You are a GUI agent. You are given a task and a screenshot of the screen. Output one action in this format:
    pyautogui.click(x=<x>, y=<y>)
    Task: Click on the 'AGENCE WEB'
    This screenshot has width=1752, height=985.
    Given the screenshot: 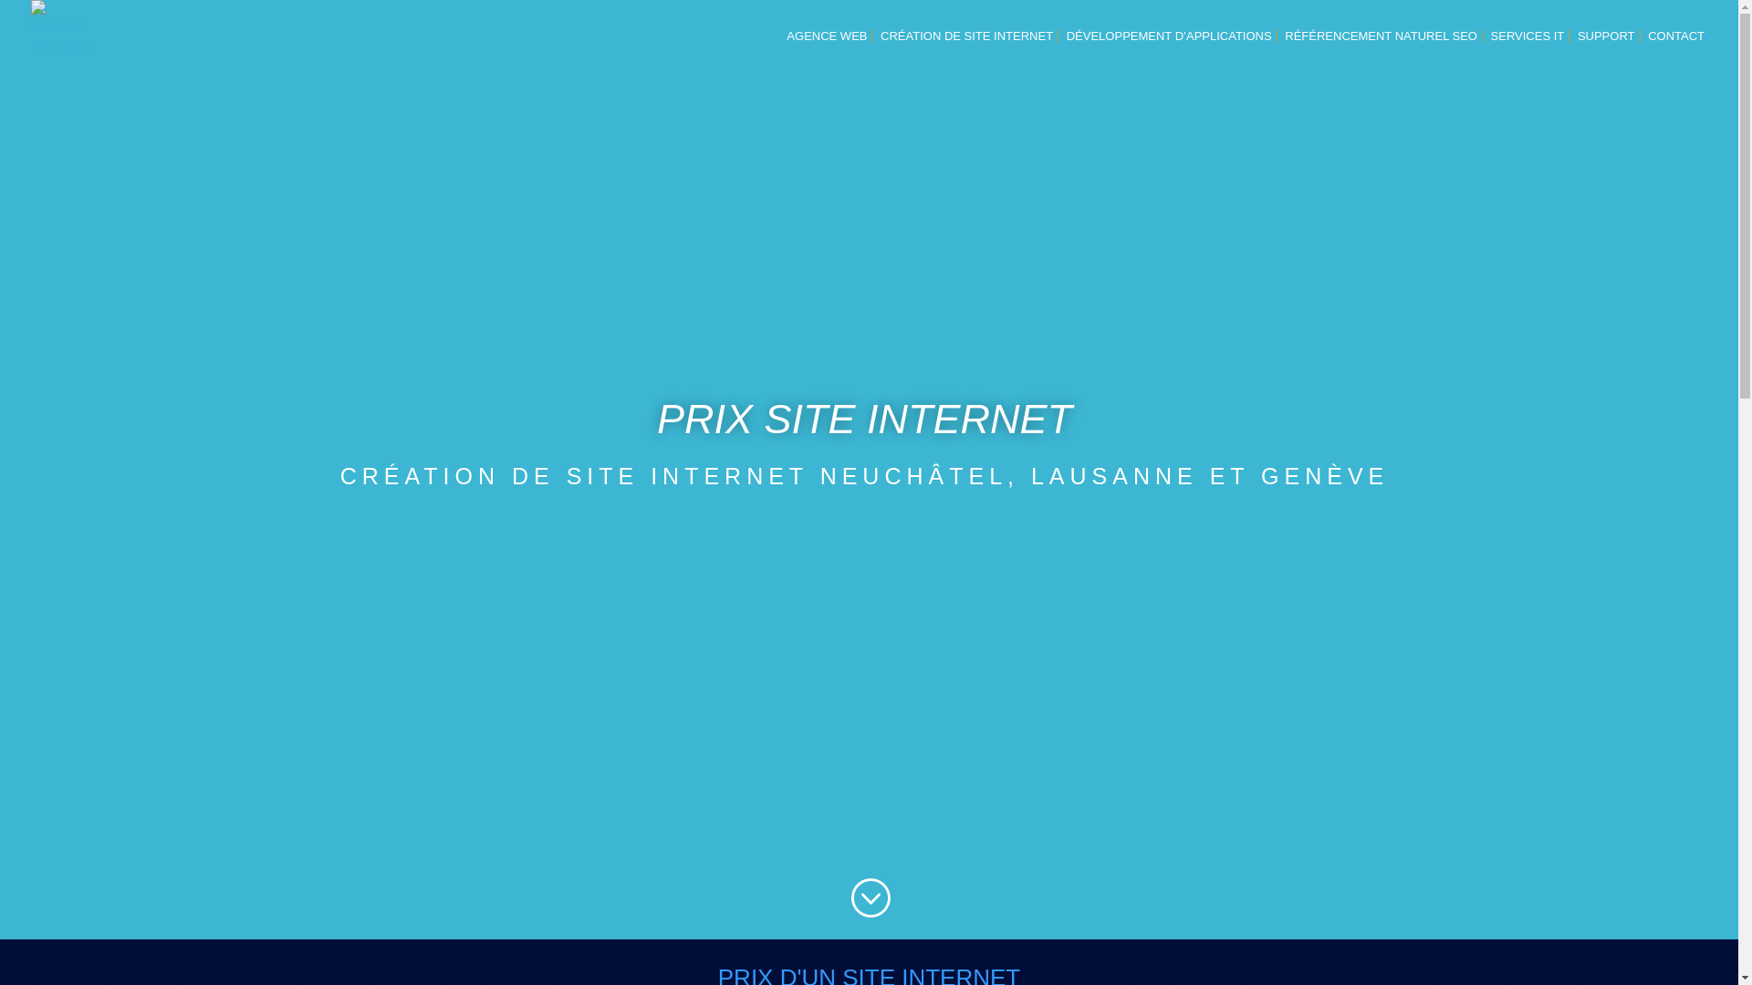 What is the action you would take?
    pyautogui.click(x=826, y=50)
    